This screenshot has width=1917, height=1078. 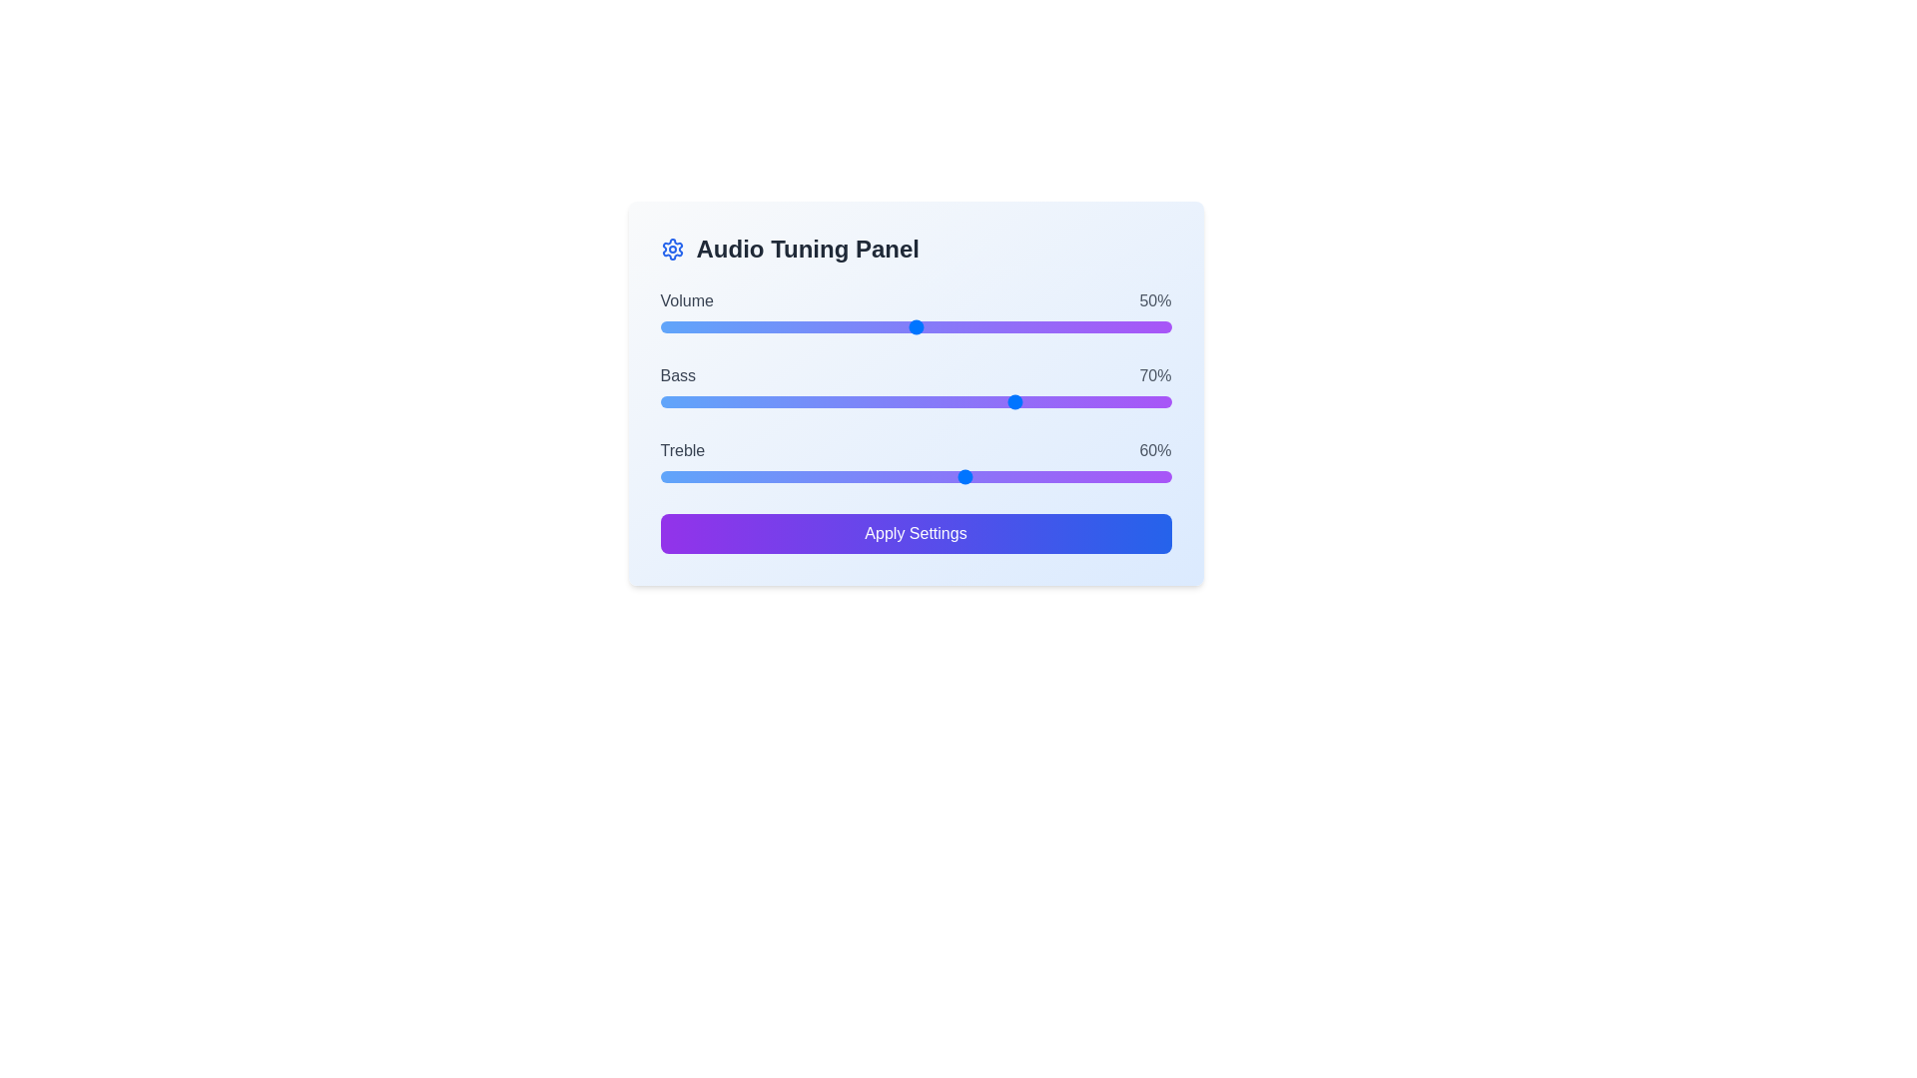 What do you see at coordinates (682, 450) in the screenshot?
I see `the 'Treble' label in the third row of the audio tuning panel, which is located to the left of the '60%' percentage text and above the 'Apply Settings' button` at bounding box center [682, 450].